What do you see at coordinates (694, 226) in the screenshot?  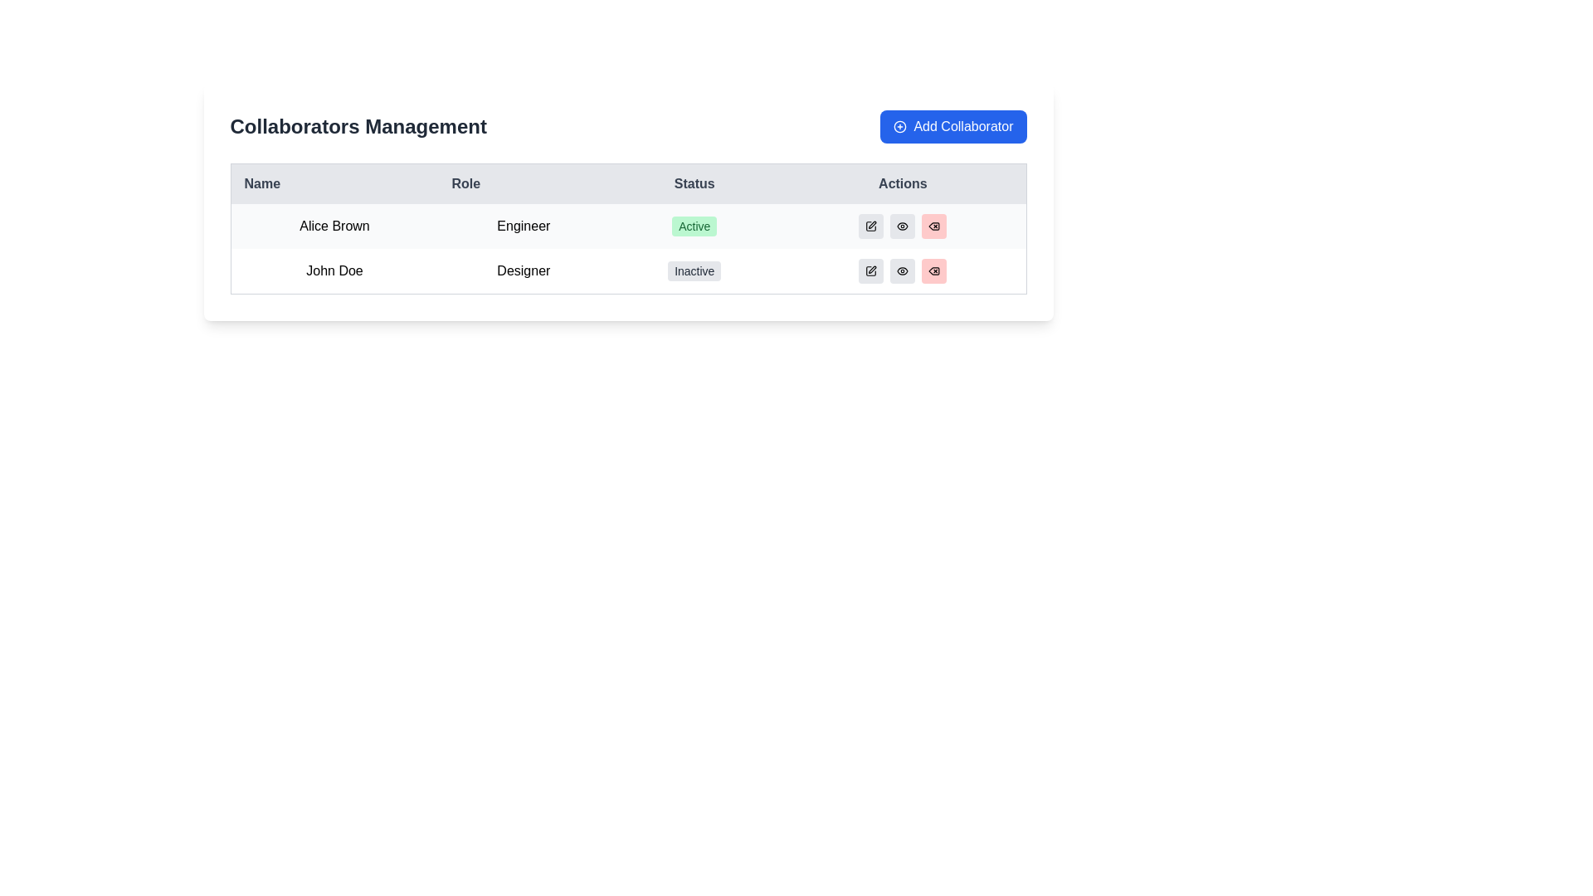 I see `the 'Active' status badge located in the 'Status' column of the table, next to the 'Engineer' role for 'Alice Brown'` at bounding box center [694, 226].